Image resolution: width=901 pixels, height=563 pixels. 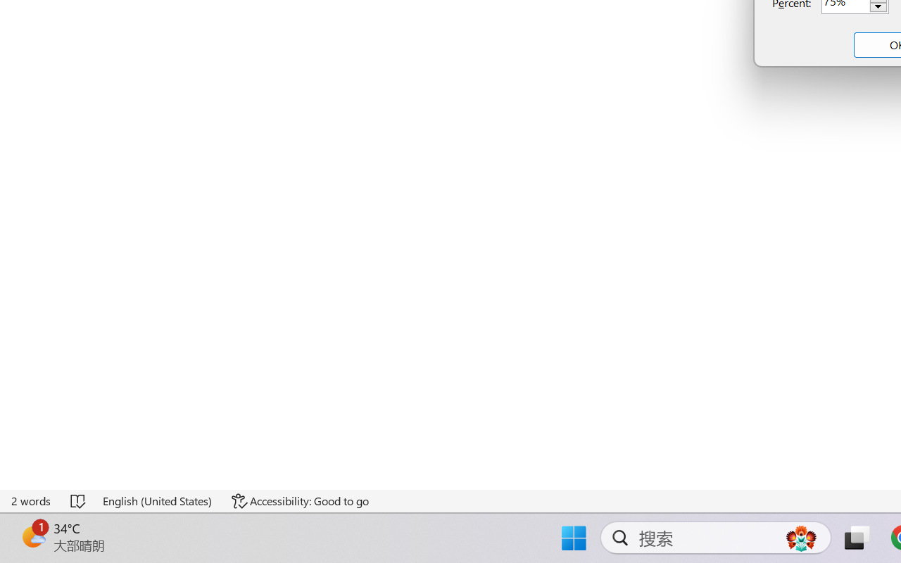 What do you see at coordinates (299, 500) in the screenshot?
I see `'Accessibility Checker Accessibility: Good to go'` at bounding box center [299, 500].